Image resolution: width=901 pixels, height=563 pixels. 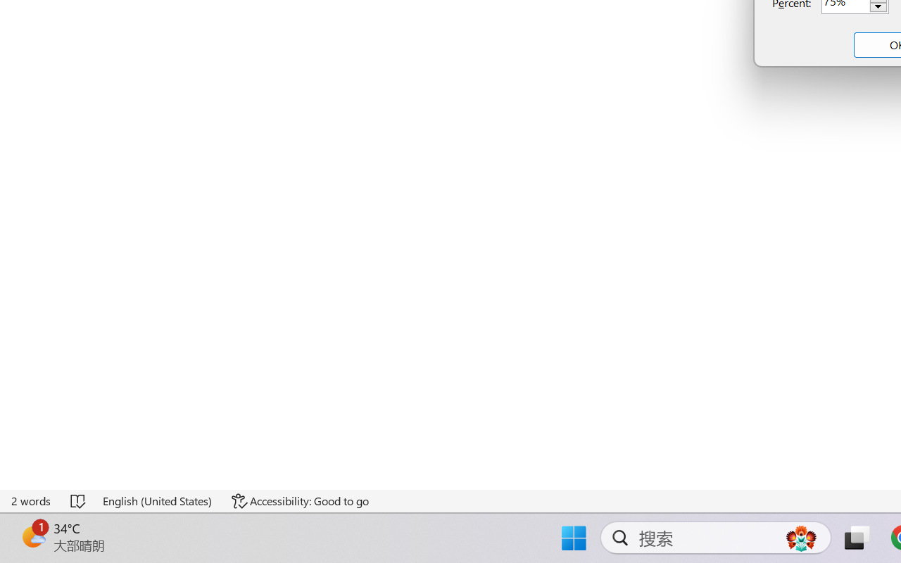 What do you see at coordinates (299, 500) in the screenshot?
I see `'Accessibility Checker Accessibility: Good to go'` at bounding box center [299, 500].